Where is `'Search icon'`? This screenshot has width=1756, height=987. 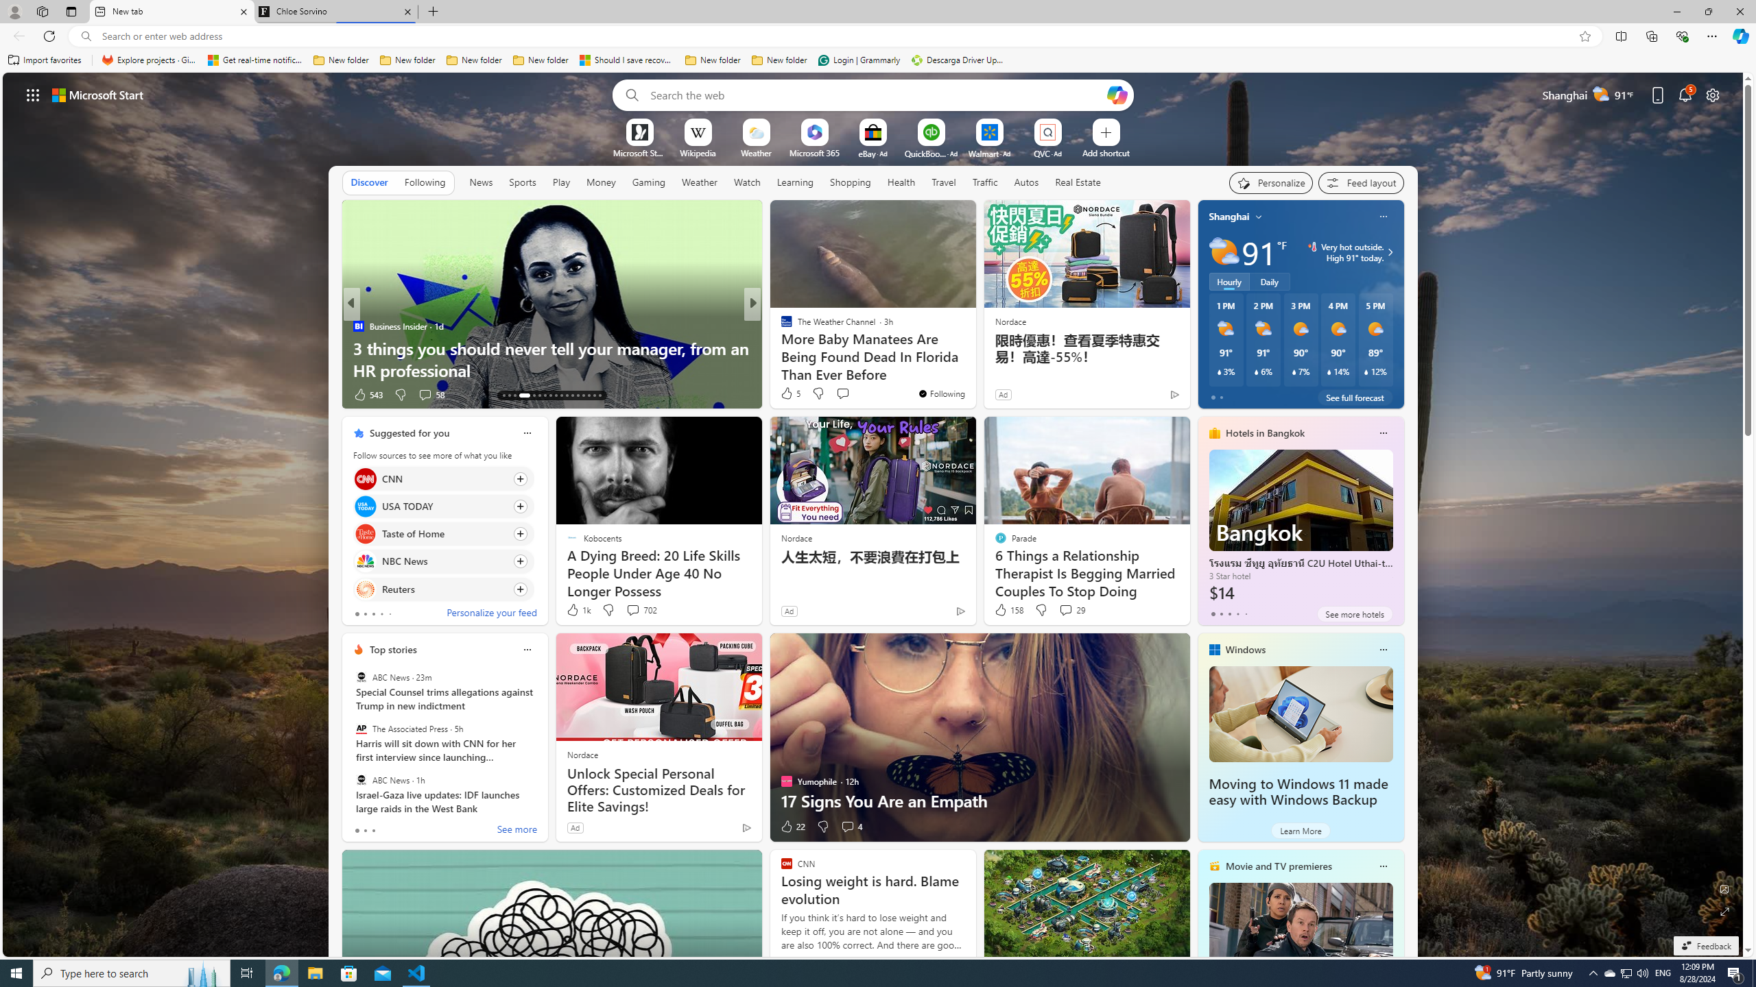 'Search icon' is located at coordinates (86, 36).